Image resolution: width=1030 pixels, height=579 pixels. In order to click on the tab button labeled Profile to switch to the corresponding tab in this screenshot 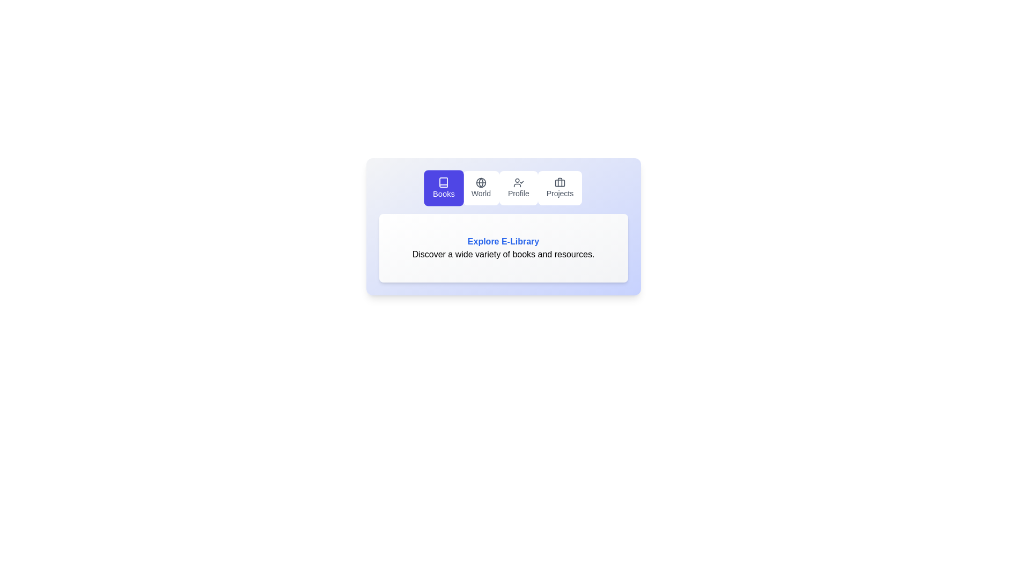, I will do `click(518, 188)`.